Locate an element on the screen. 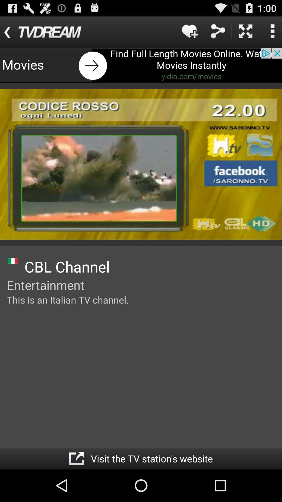 Image resolution: width=282 pixels, height=502 pixels. share is located at coordinates (218, 31).